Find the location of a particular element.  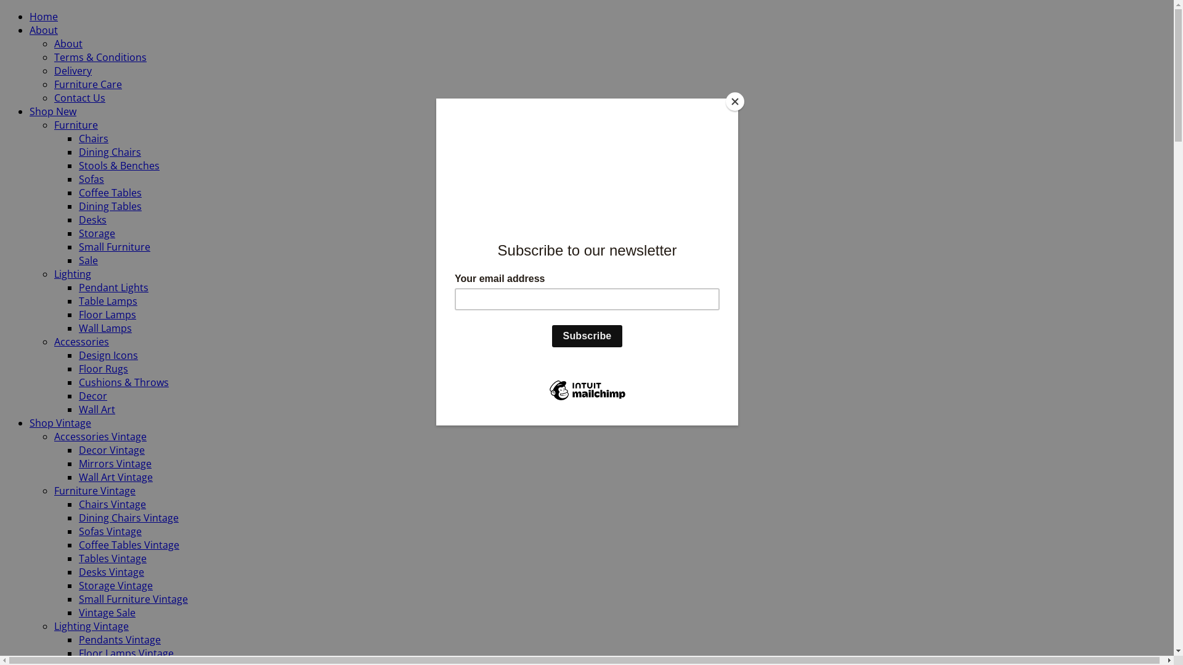

'Chairs Vintage' is located at coordinates (78, 504).